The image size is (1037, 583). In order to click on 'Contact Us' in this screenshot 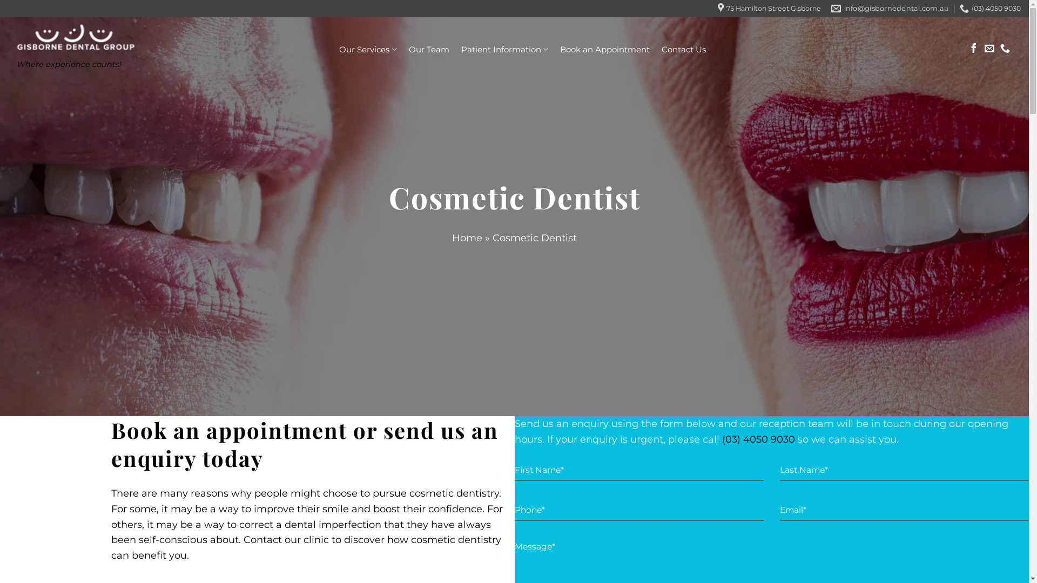, I will do `click(683, 50)`.